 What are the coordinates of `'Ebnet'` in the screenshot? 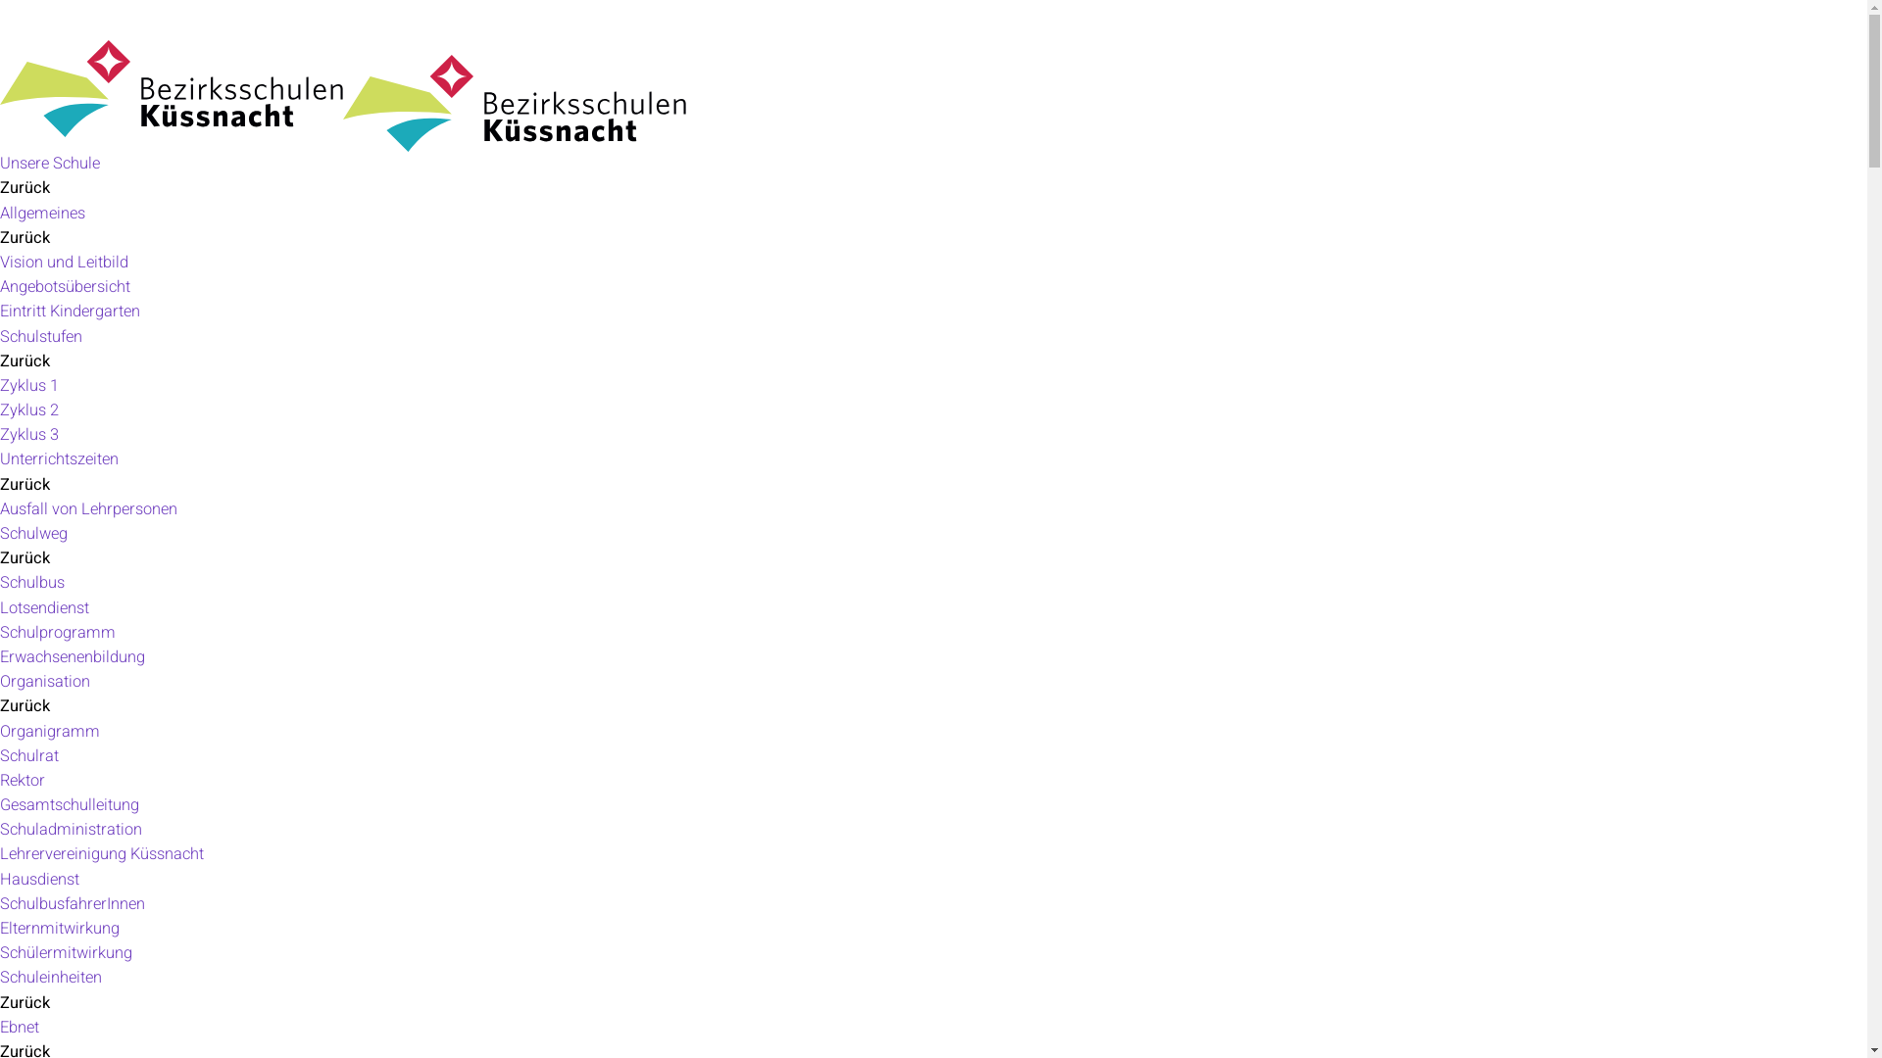 It's located at (19, 1027).